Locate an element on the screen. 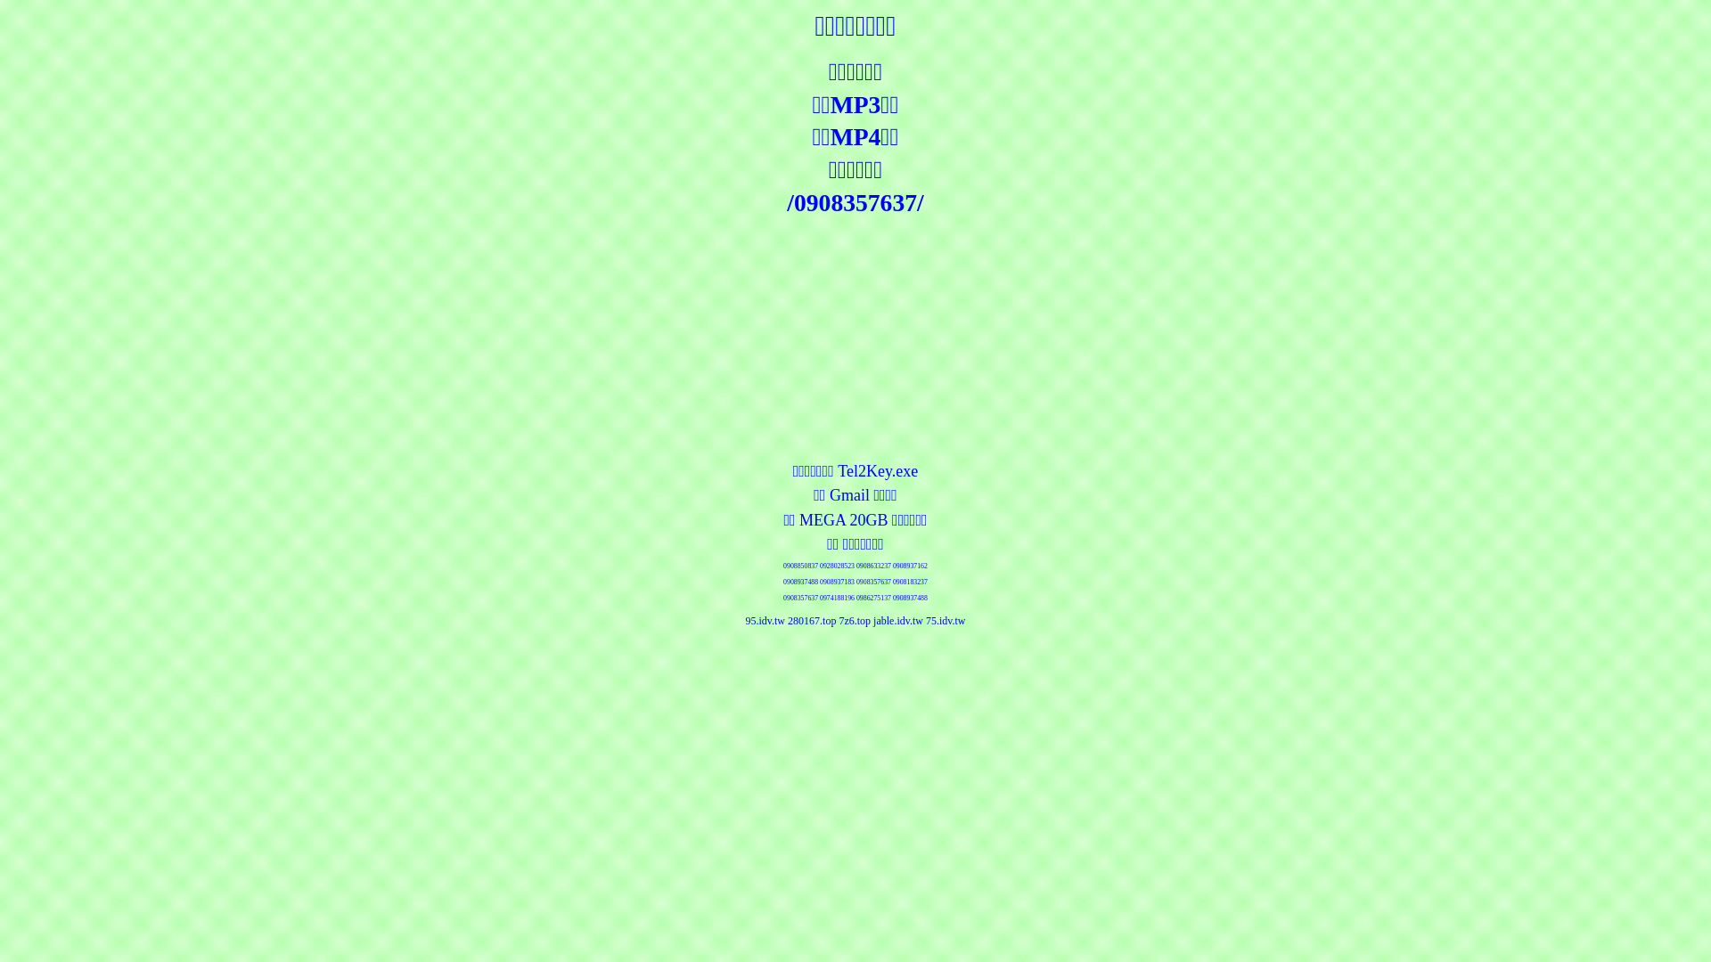  '7z6.top' is located at coordinates (854, 620).